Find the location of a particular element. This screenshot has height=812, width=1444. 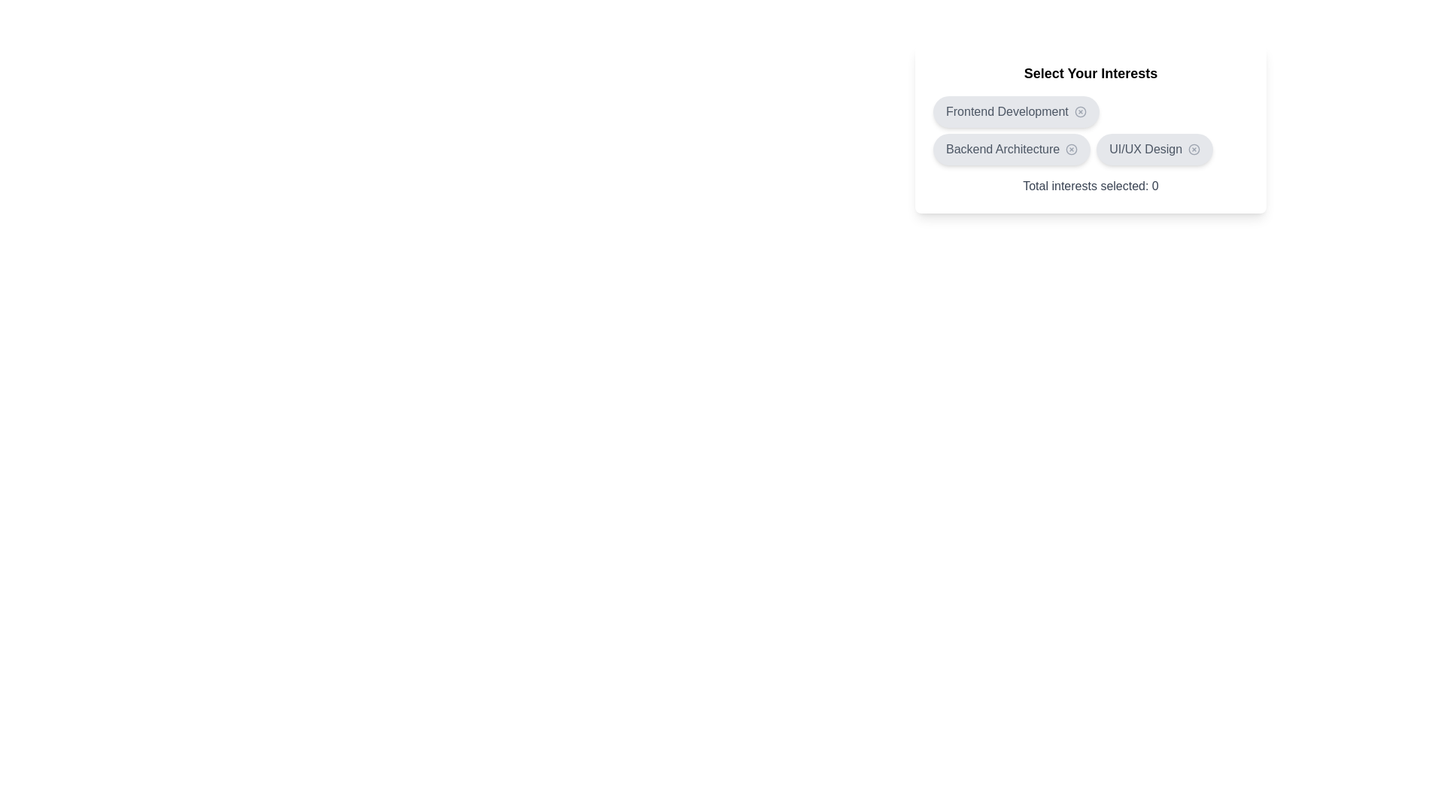

the circular gray button or icon located on the right side of the 'Select Your Interests' section under the 'UI/UX Design' tag is located at coordinates (1194, 150).